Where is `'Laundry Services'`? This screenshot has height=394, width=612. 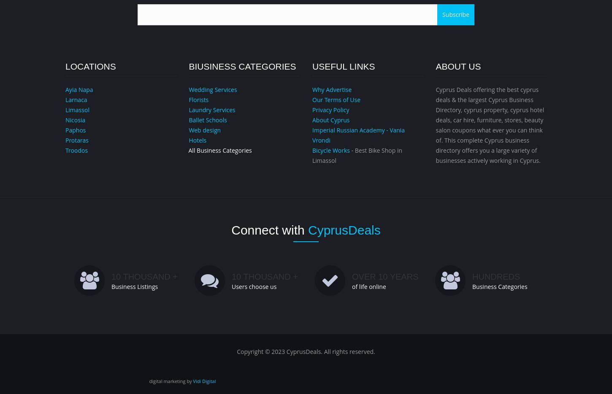
'Laundry Services' is located at coordinates (211, 110).